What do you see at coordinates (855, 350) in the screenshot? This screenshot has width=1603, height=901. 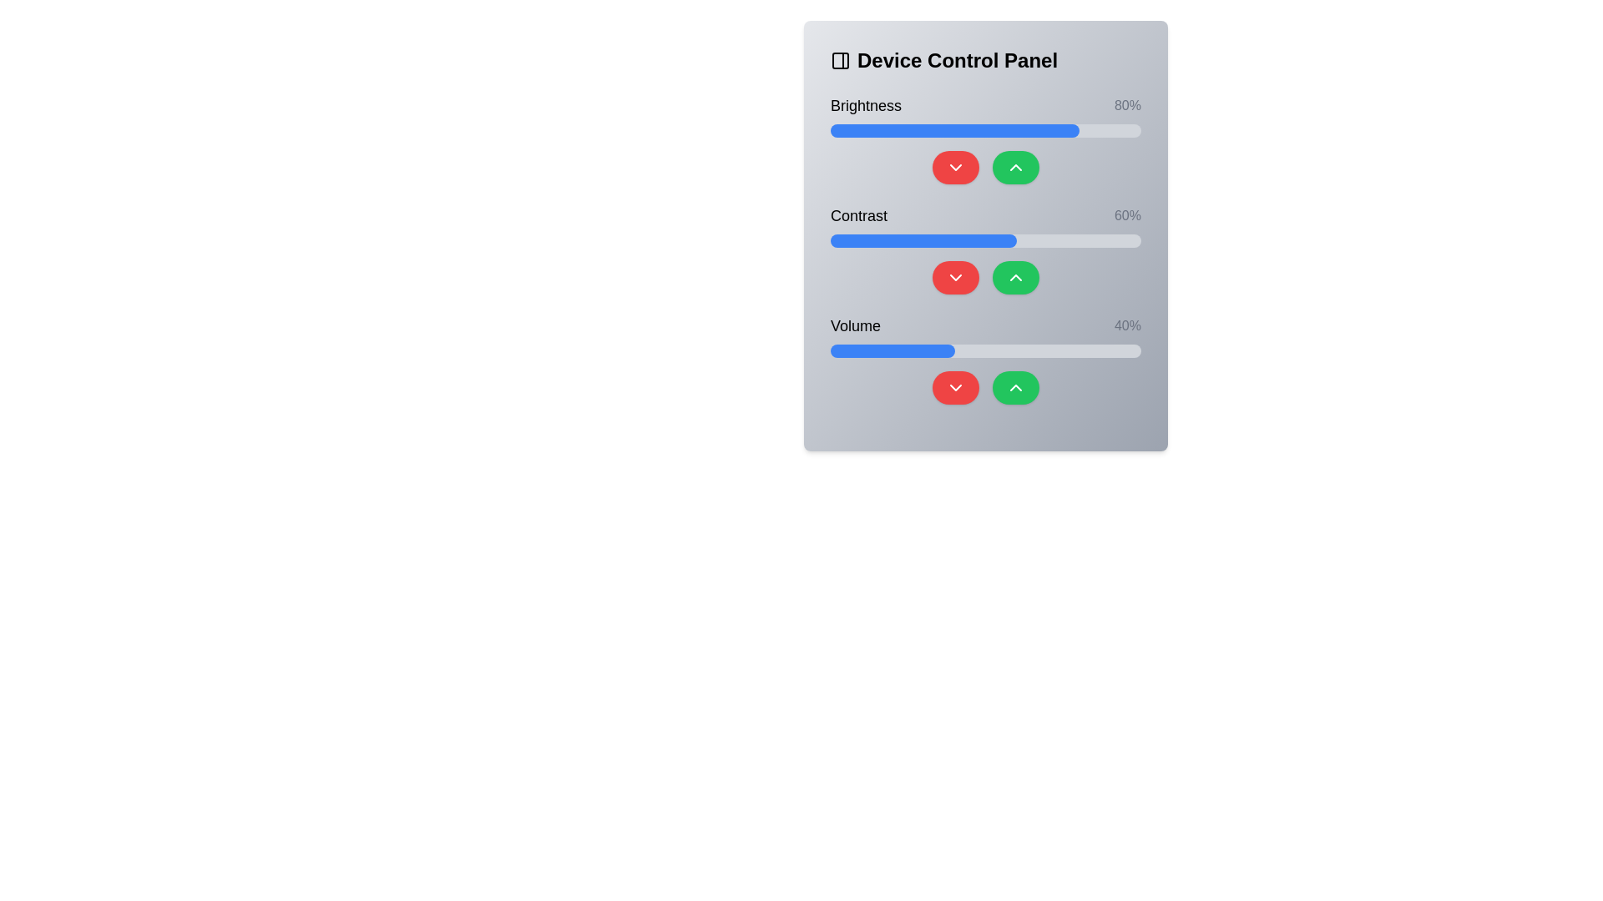 I see `the volume` at bounding box center [855, 350].